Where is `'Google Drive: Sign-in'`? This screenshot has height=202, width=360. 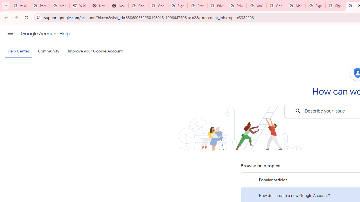 'Google Drive: Sign-in' is located at coordinates (157, 6).